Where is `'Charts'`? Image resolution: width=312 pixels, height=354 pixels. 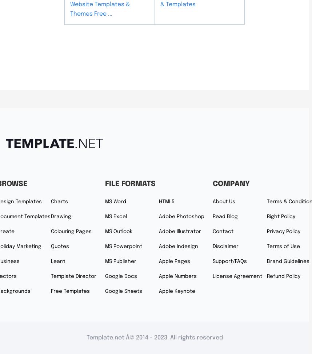 'Charts' is located at coordinates (59, 201).